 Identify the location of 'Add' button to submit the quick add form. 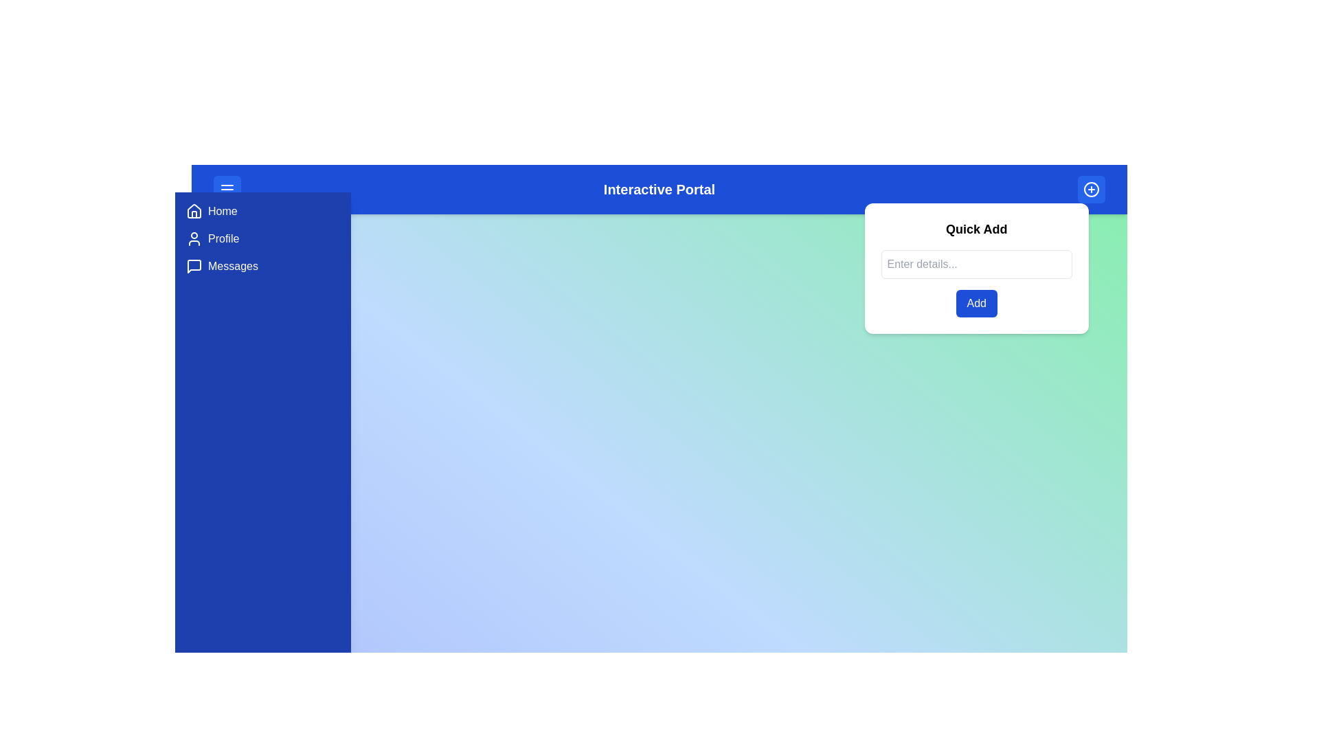
(975, 303).